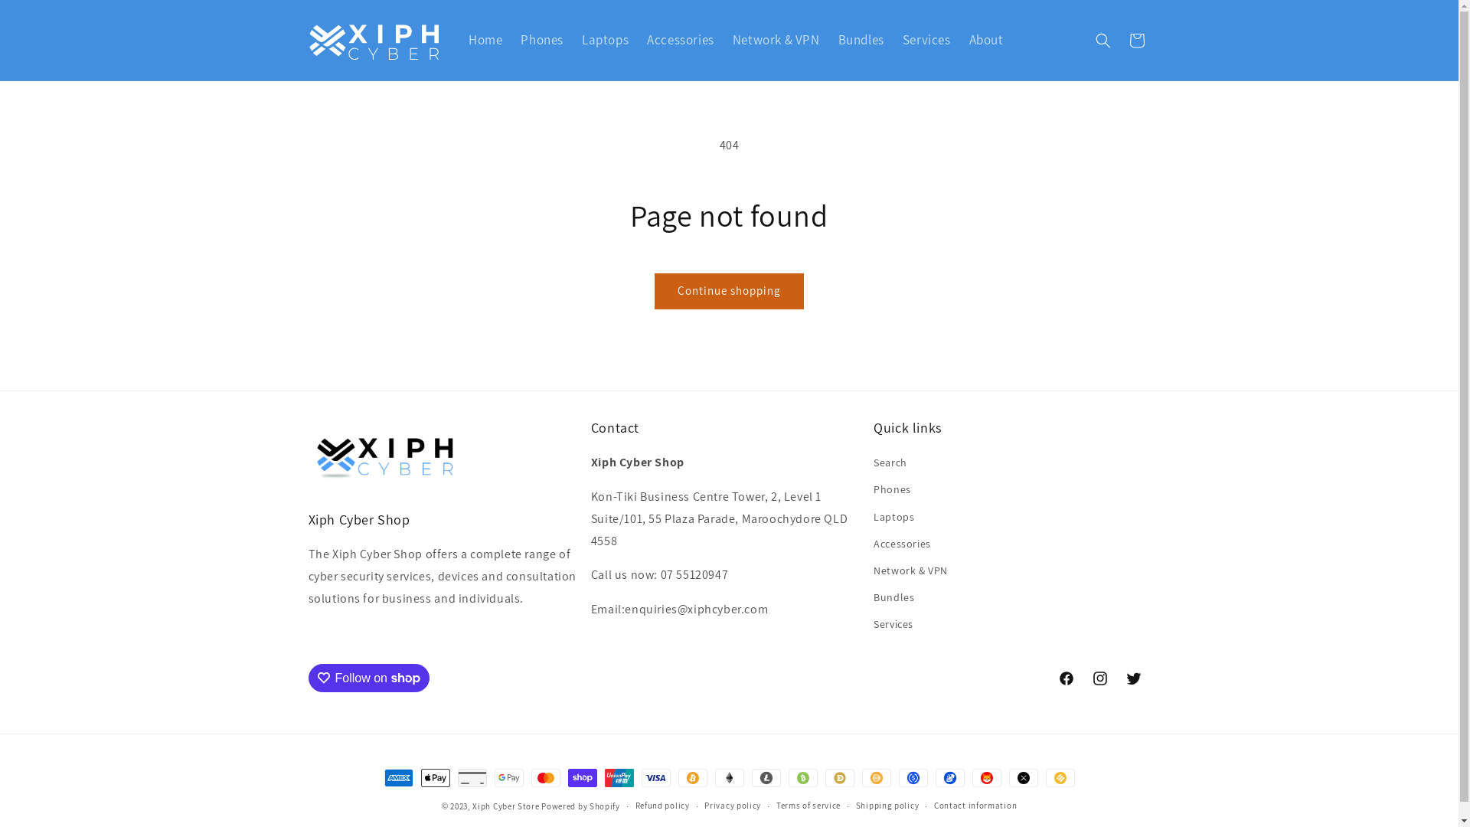 The image size is (1470, 827). I want to click on 'Twitter', so click(1132, 678).